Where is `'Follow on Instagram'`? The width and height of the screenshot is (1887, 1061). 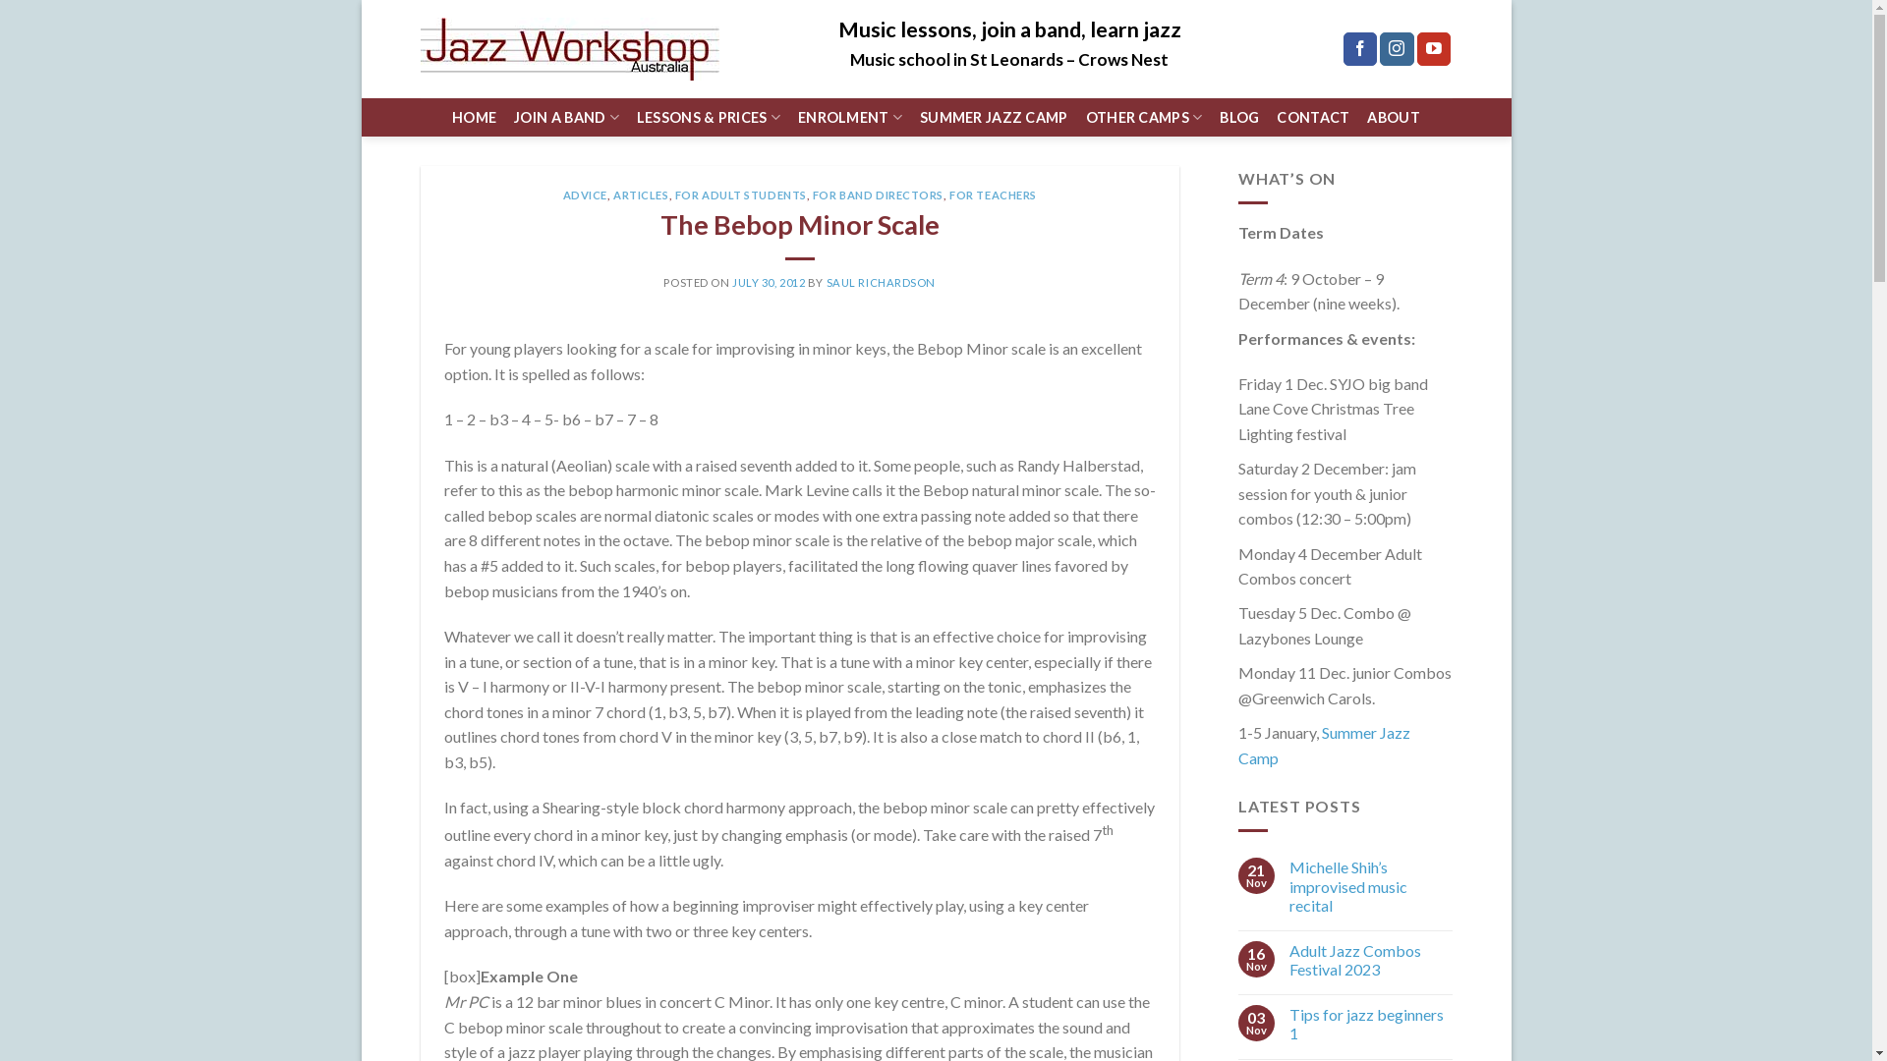
'Follow on Instagram' is located at coordinates (1395, 48).